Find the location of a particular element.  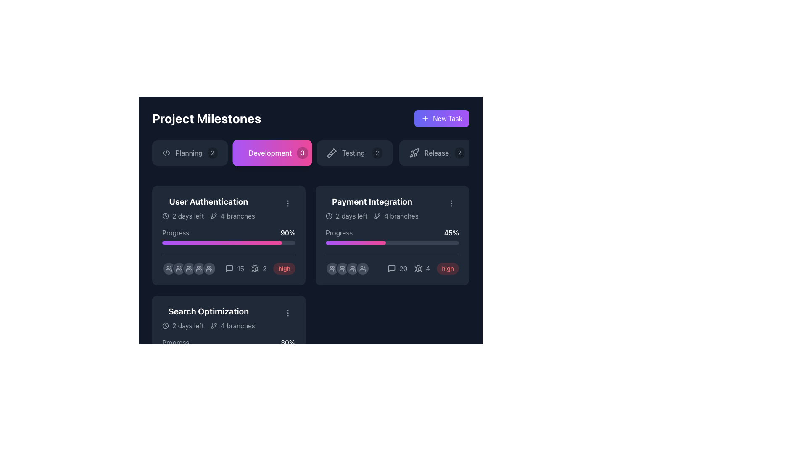

the circular icon element that is part of the clock icon located at the top left corner of the 'Search Optimization' card is located at coordinates (165, 325).